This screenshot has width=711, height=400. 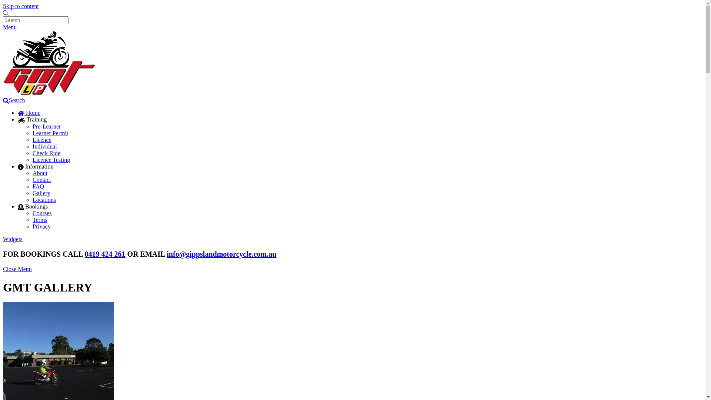 What do you see at coordinates (41, 180) in the screenshot?
I see `'Contact'` at bounding box center [41, 180].